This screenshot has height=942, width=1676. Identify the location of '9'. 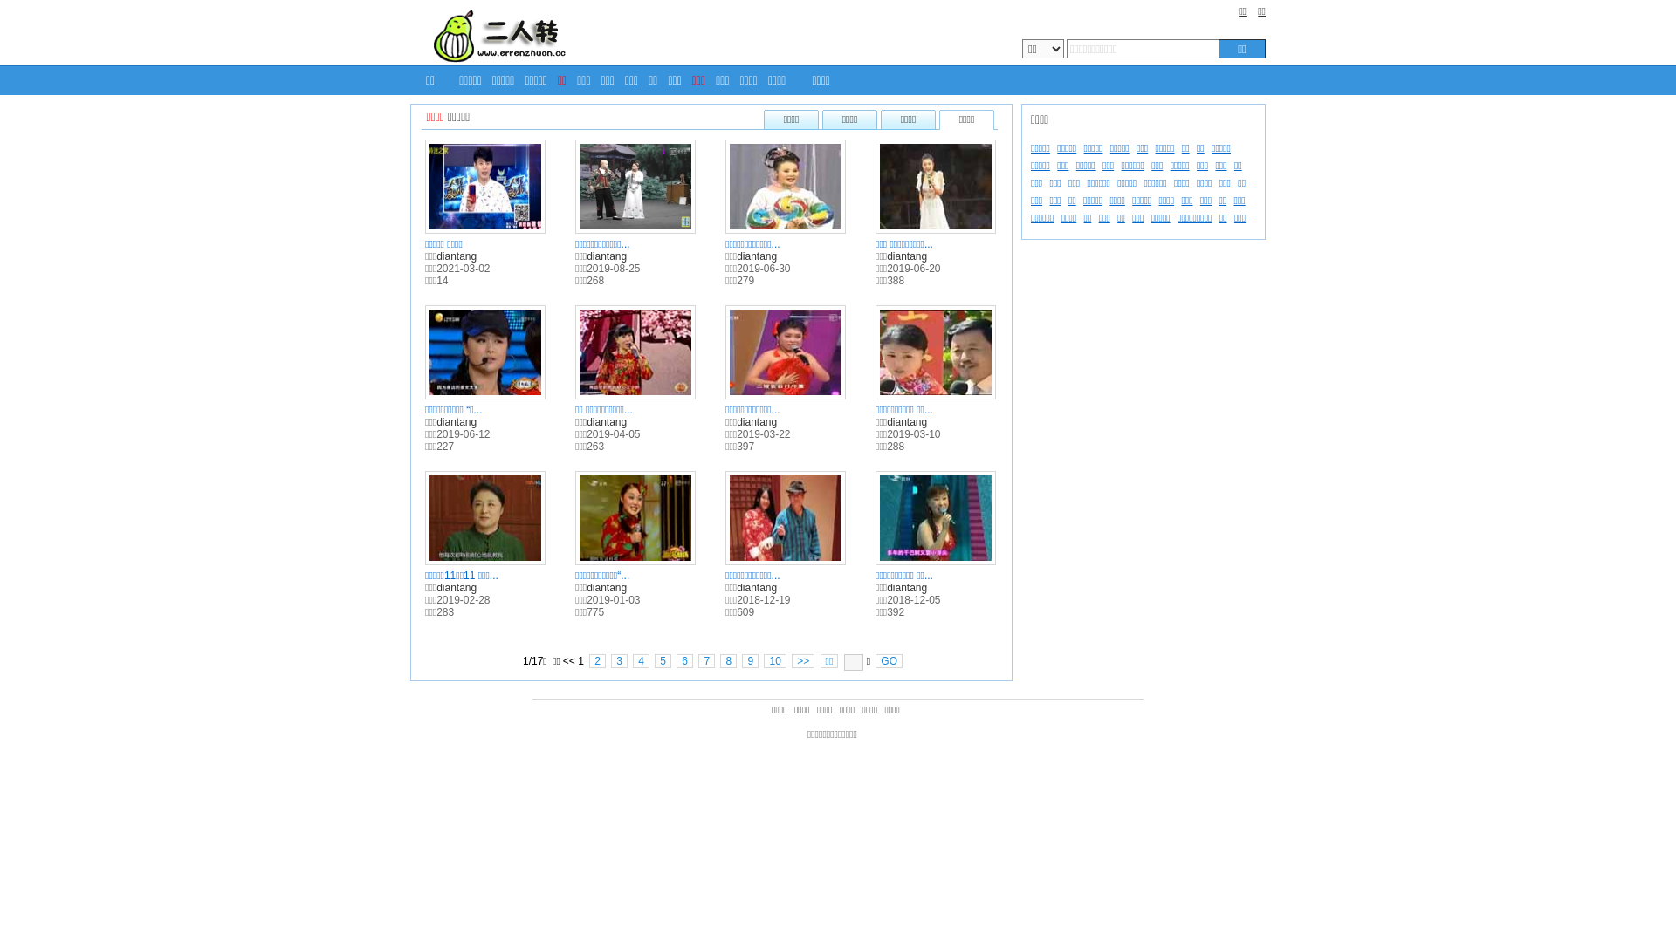
(750, 661).